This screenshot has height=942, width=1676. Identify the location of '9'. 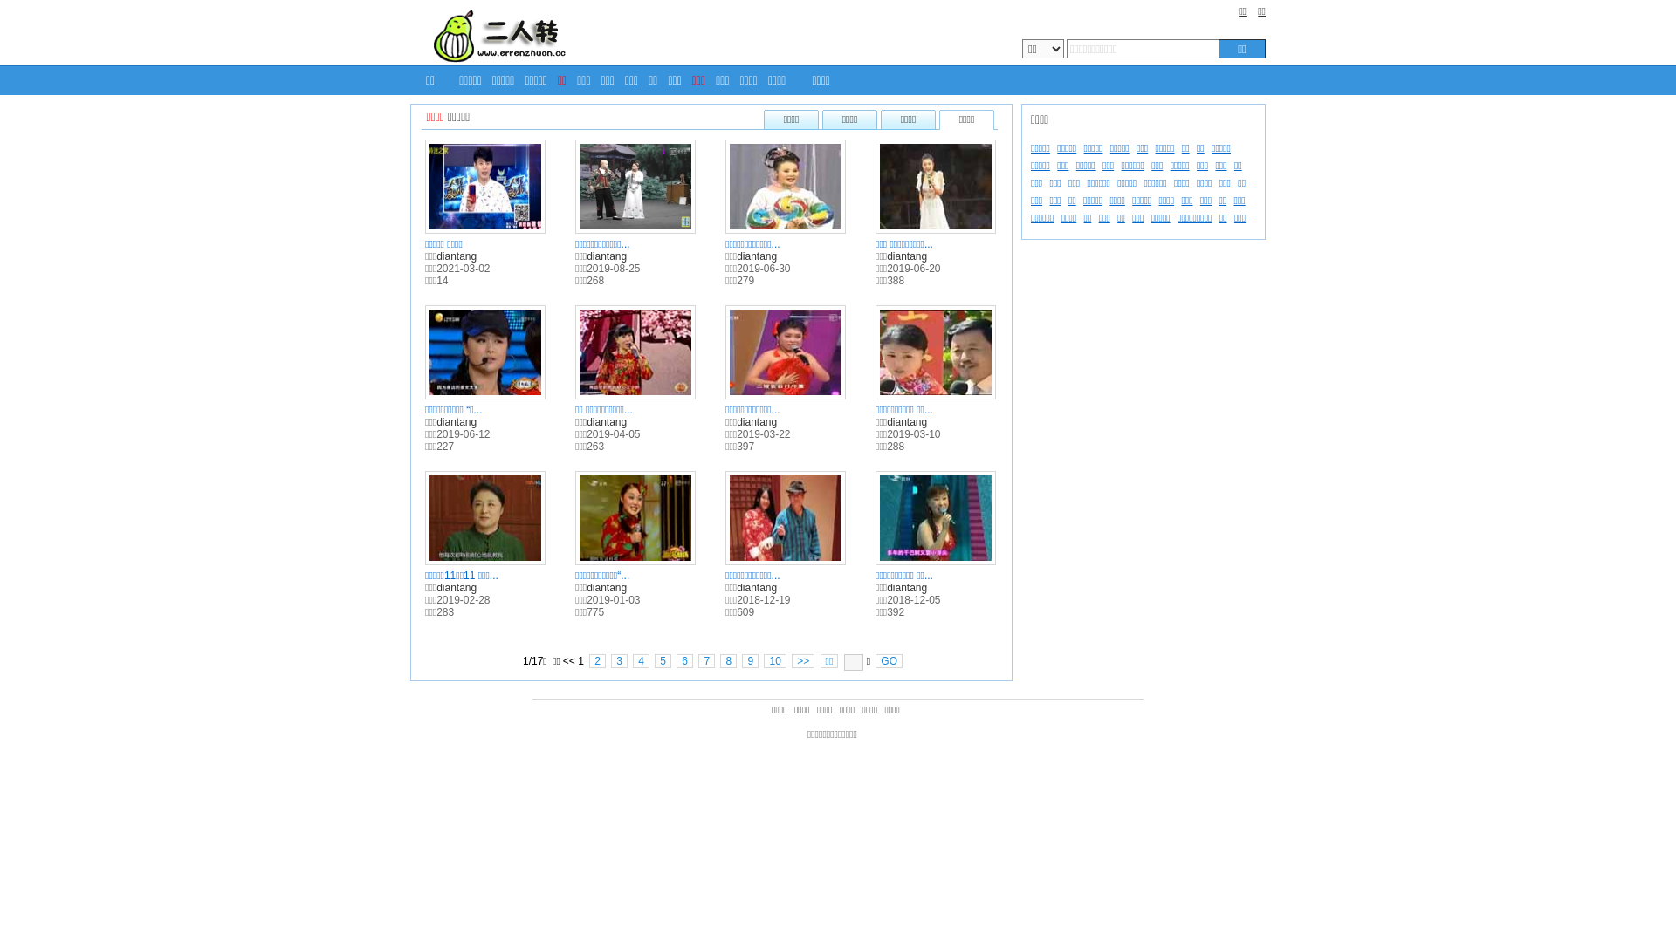
(750, 661).